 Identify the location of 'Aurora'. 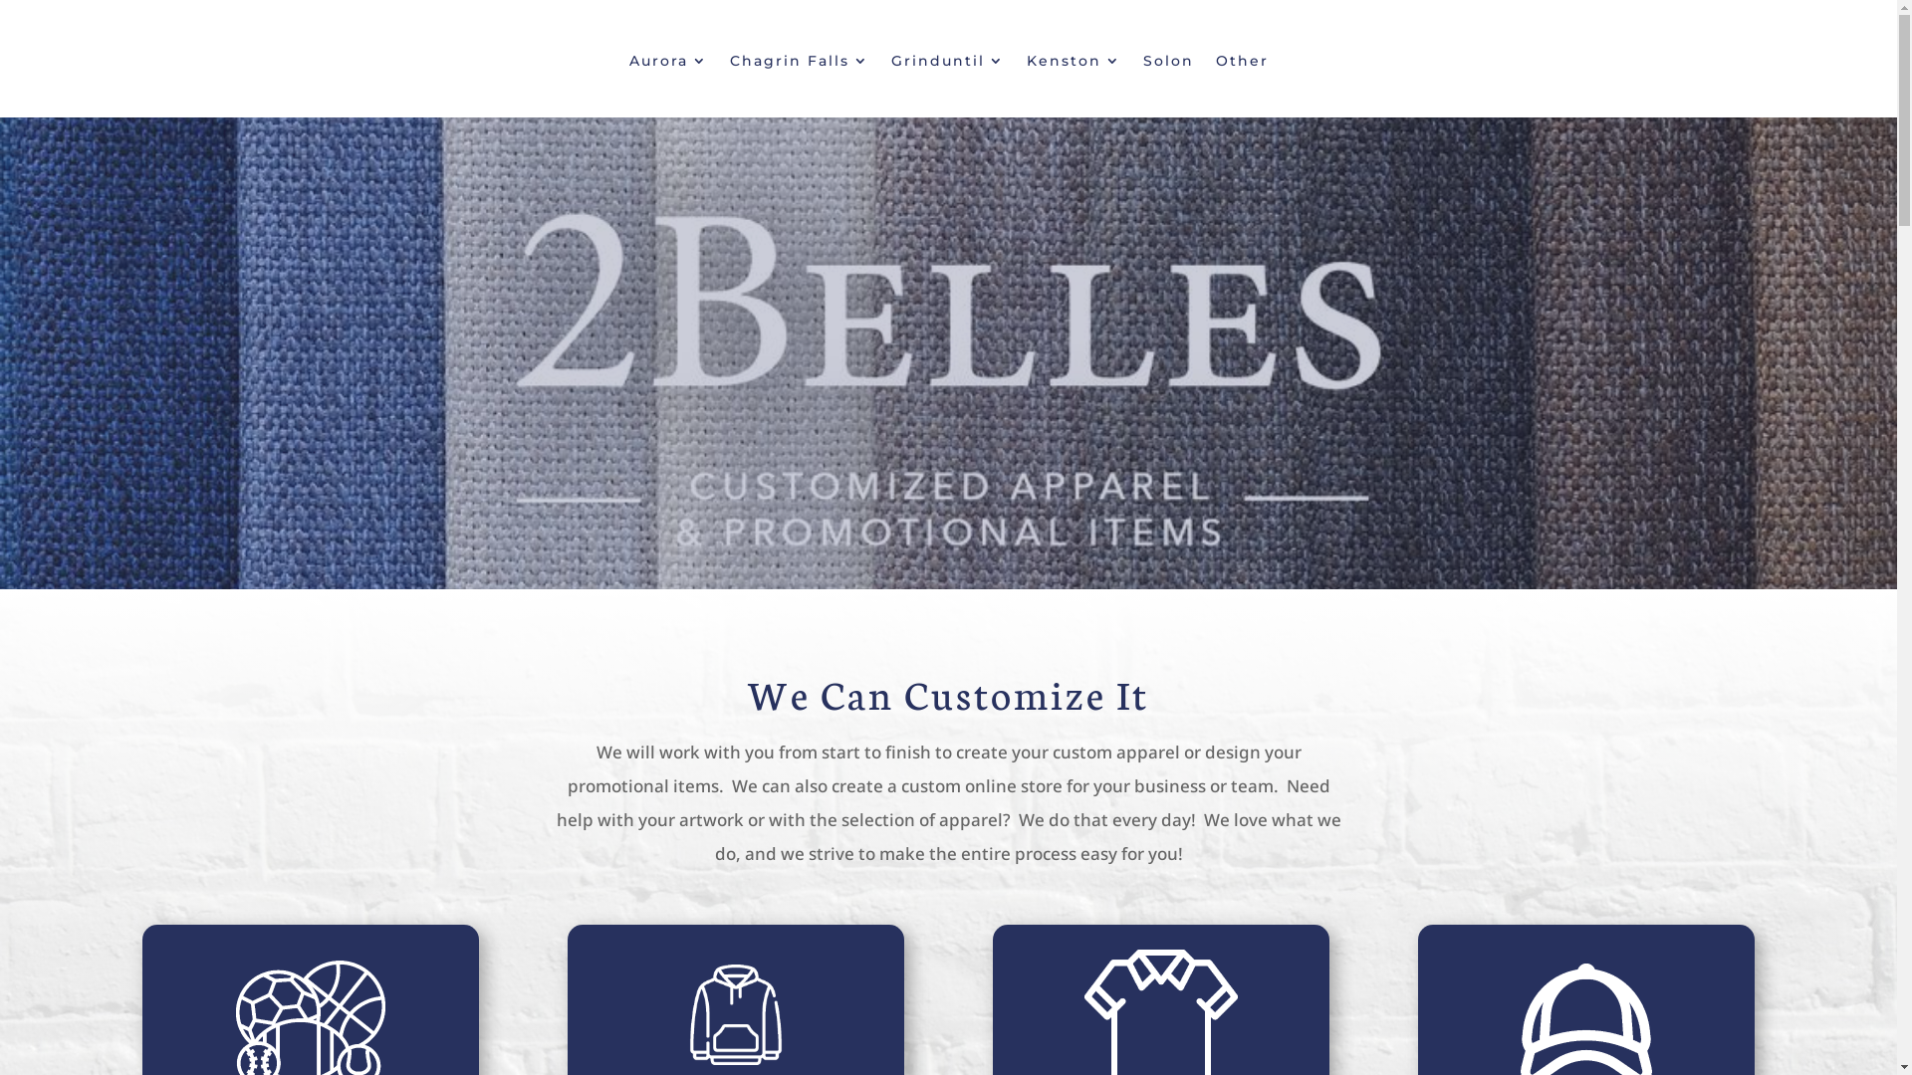
(668, 64).